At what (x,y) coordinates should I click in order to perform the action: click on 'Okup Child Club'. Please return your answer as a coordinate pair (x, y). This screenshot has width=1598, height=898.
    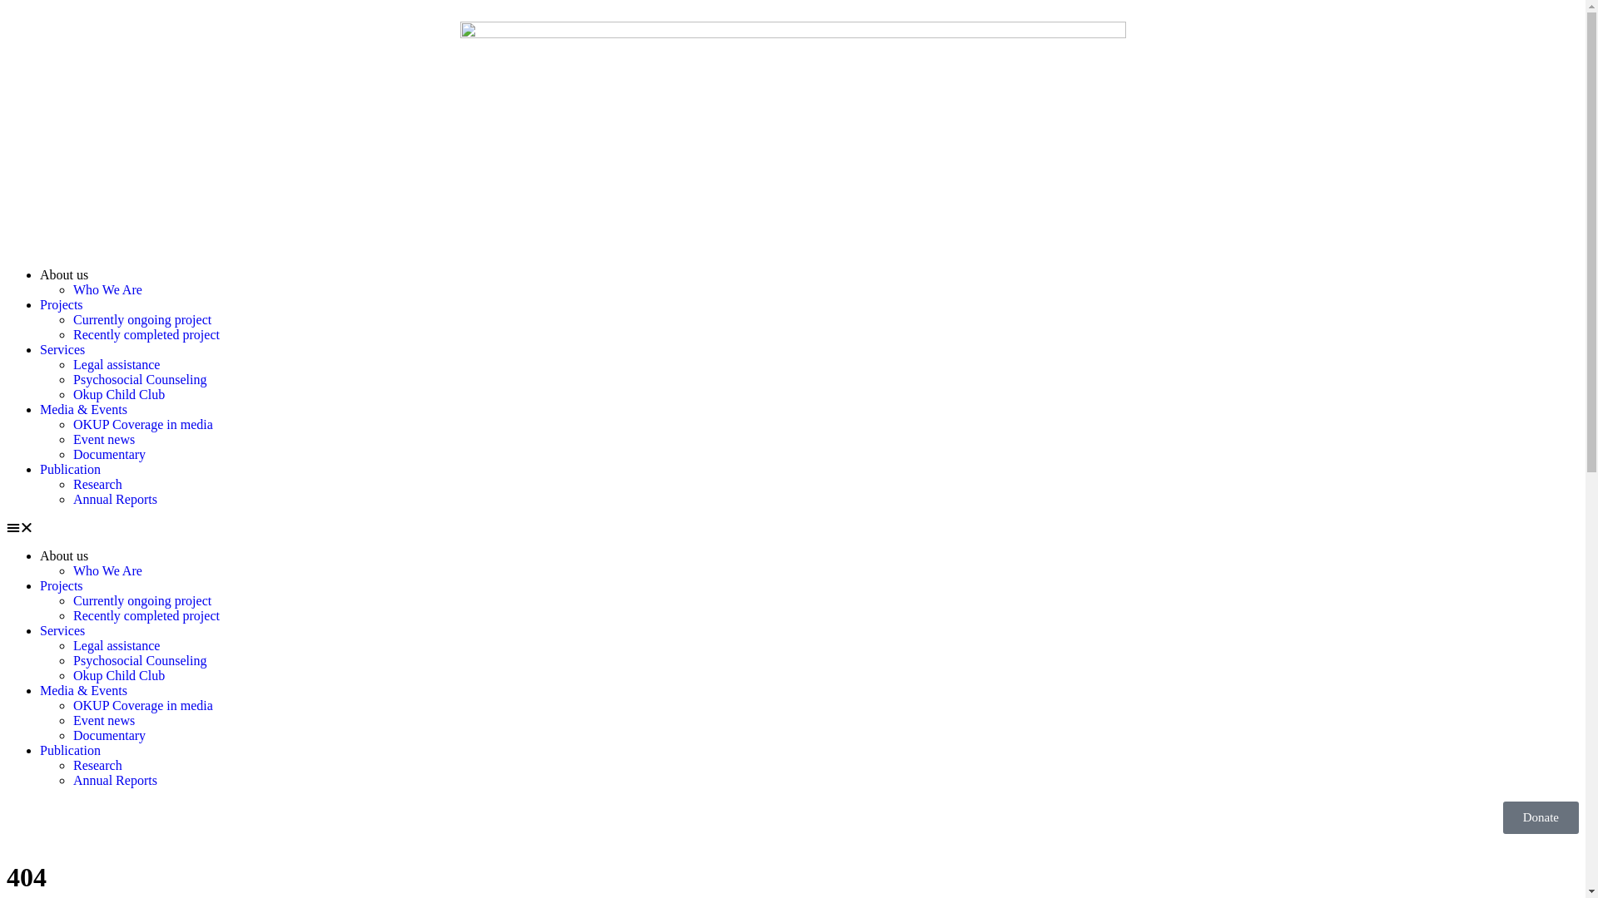
    Looking at the image, I should click on (72, 675).